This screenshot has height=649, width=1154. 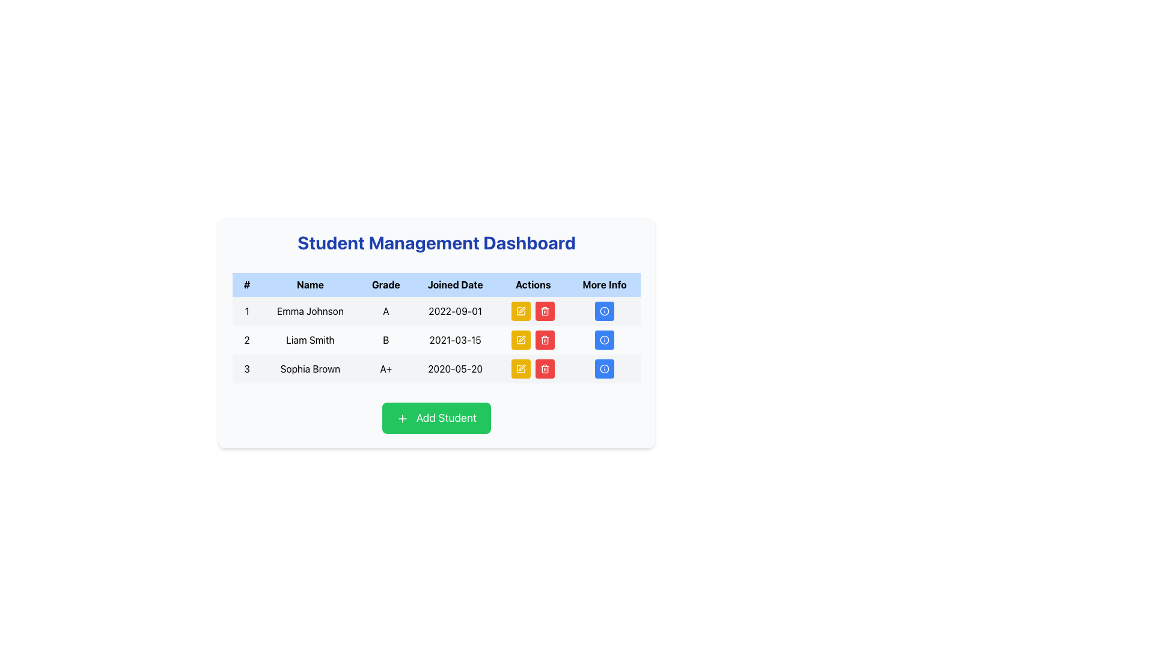 What do you see at coordinates (521, 310) in the screenshot?
I see `the 'Edit' button located in the 'Actions' column of the first row in the student information table to indicate interactivity` at bounding box center [521, 310].